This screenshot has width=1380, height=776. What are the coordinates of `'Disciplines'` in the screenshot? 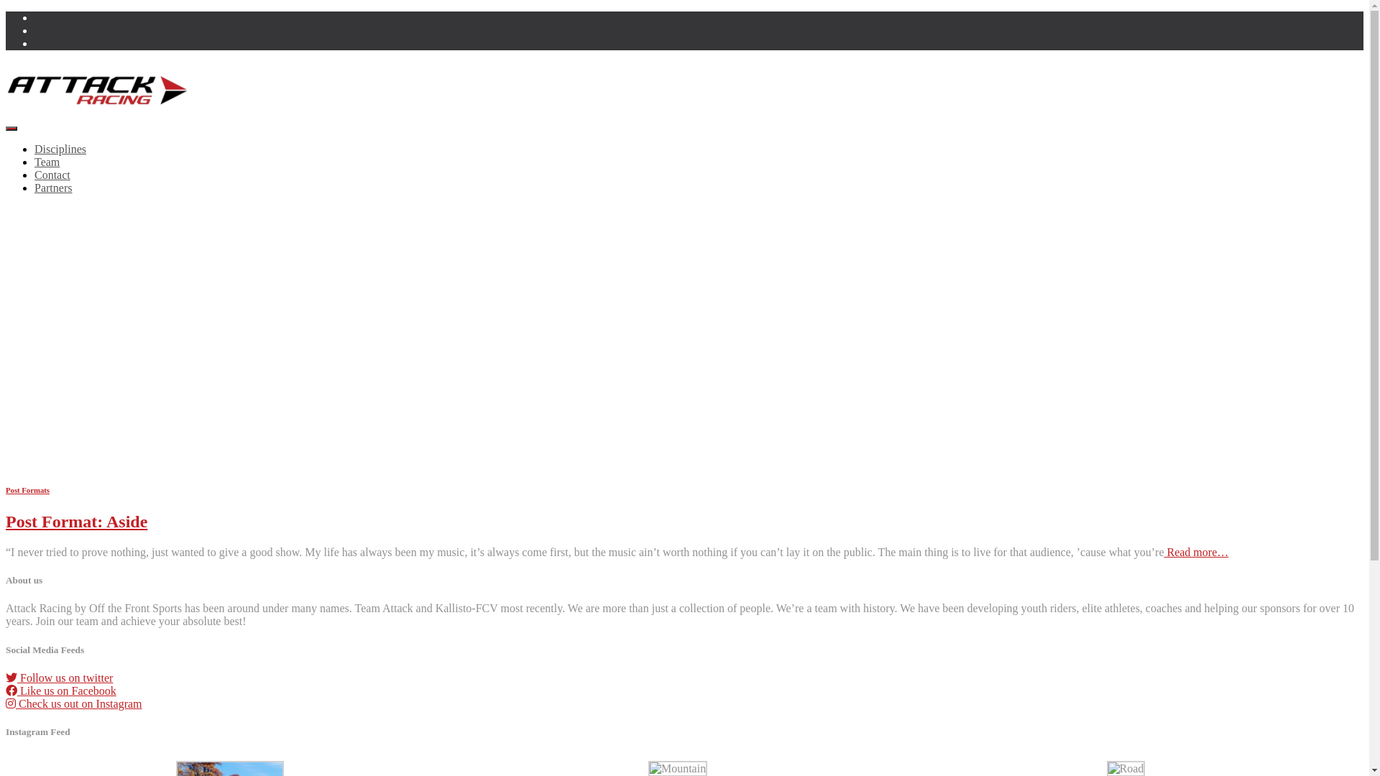 It's located at (59, 149).